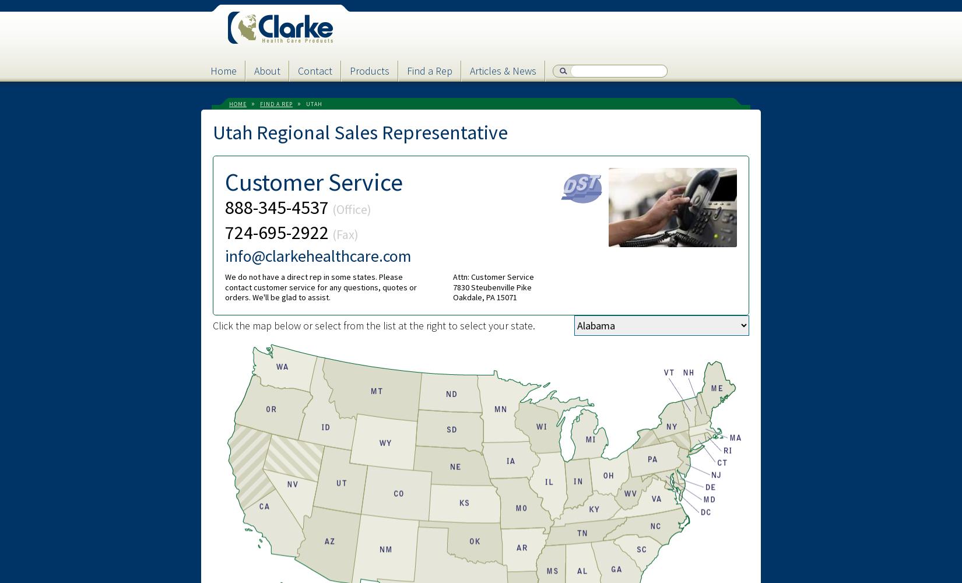  I want to click on 'Click the map below or select from the list at the right to select your state.', so click(373, 325).